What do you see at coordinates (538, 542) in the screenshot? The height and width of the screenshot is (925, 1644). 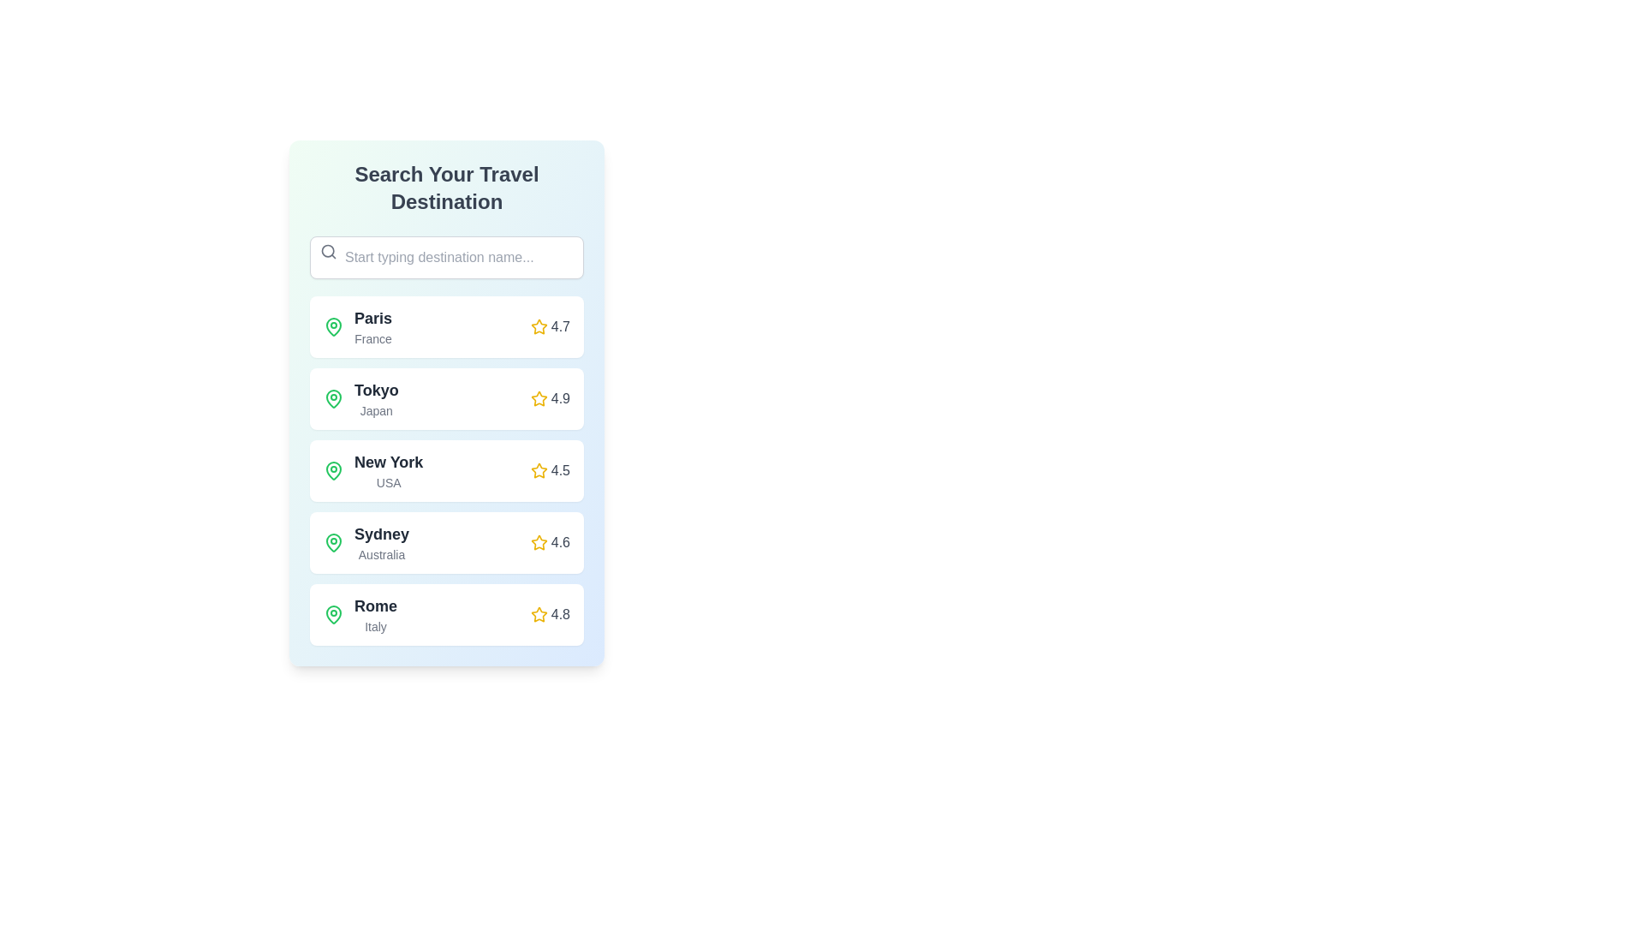 I see `the decorative icon indicating rating or favorite status, located to the left of the text '4.6' in the row containing 'Sydney' and 'Australia'` at bounding box center [538, 542].